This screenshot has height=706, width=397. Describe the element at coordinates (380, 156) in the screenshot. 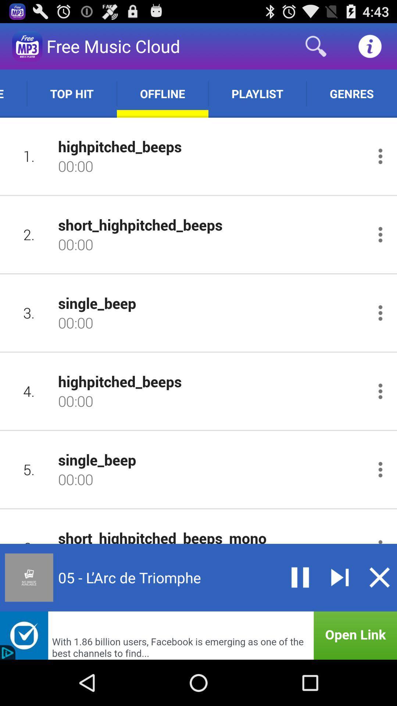

I see `options menu` at that location.